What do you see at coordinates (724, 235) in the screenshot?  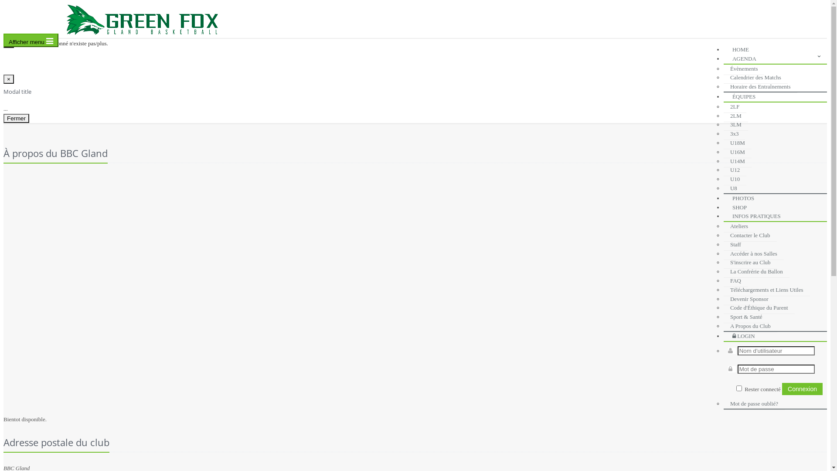 I see `'Contacter le Club'` at bounding box center [724, 235].